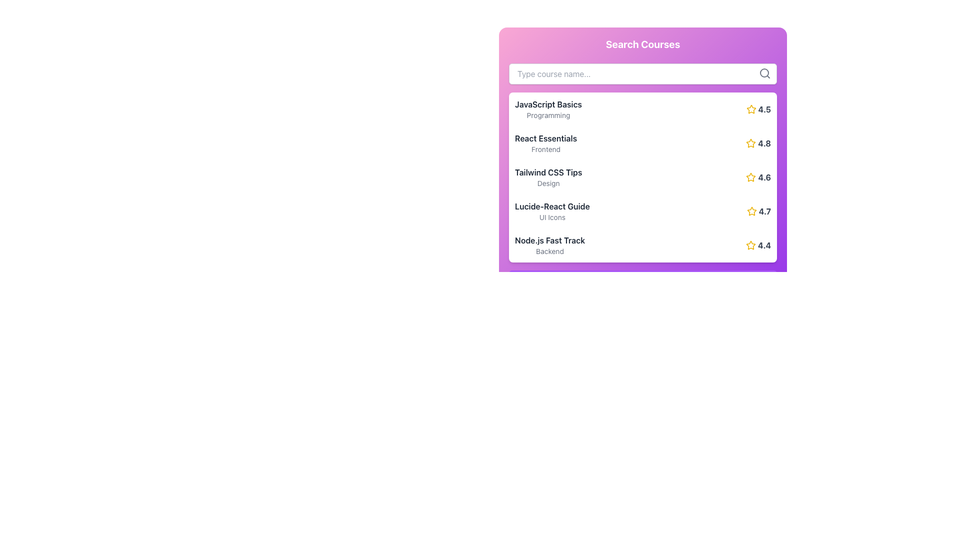  I want to click on the text label indicating the course classification for 'JavaScript Basics', which is located below the course title in the top-left corner of the course listing box, so click(548, 115).